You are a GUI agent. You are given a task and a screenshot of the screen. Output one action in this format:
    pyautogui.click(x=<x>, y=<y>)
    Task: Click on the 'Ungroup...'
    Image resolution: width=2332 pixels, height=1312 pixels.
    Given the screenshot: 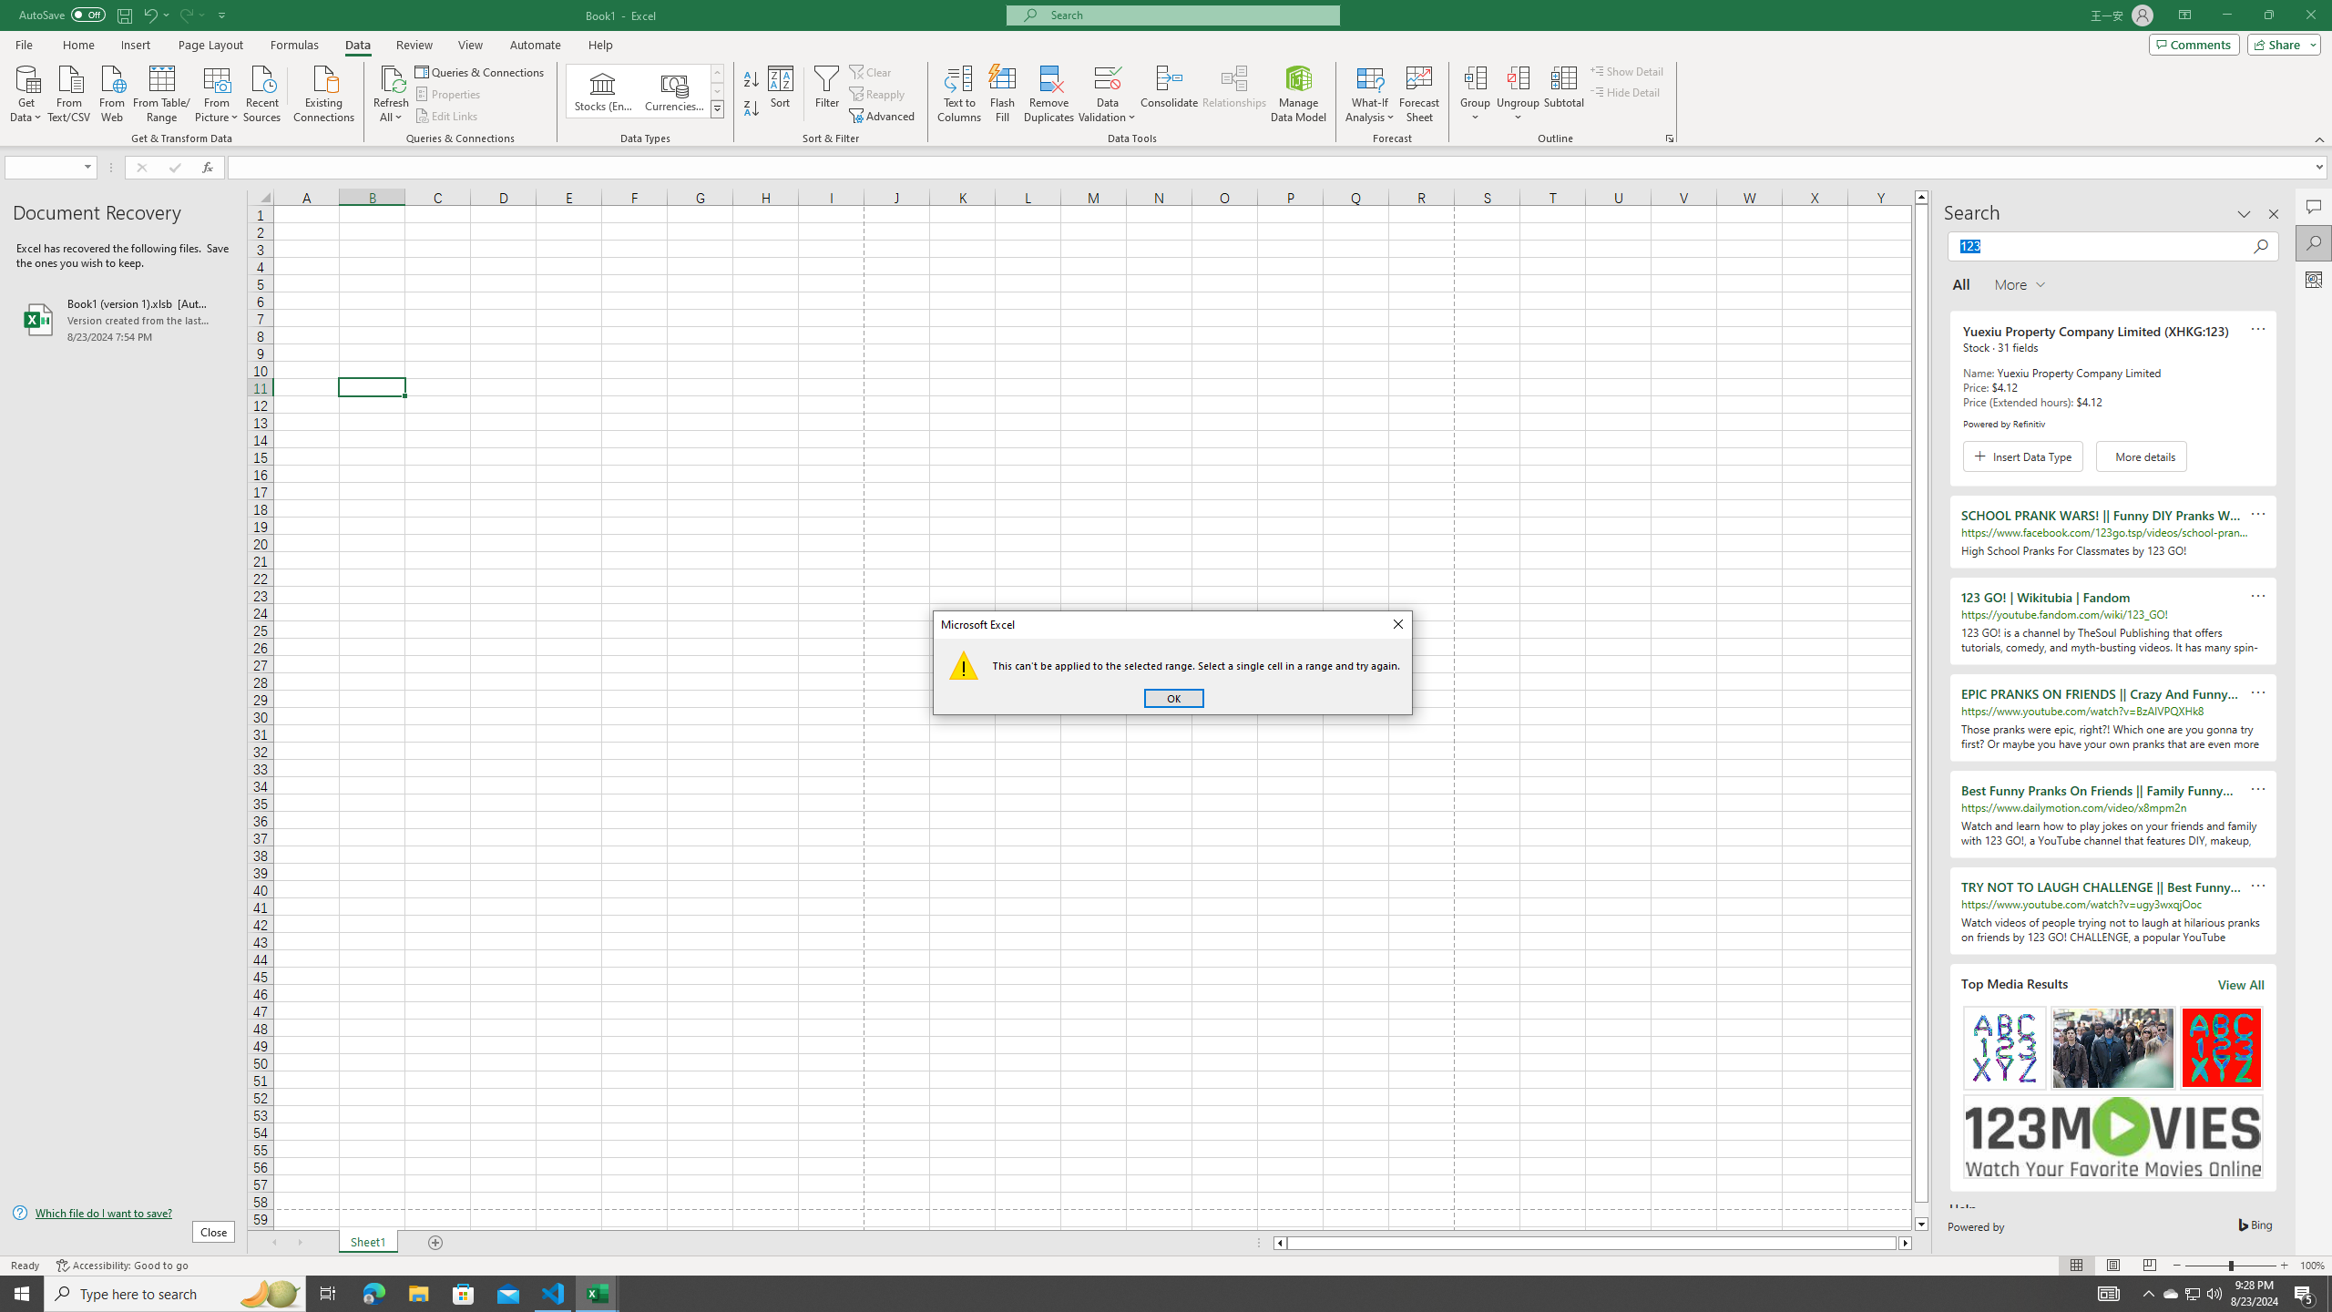 What is the action you would take?
    pyautogui.click(x=1518, y=77)
    